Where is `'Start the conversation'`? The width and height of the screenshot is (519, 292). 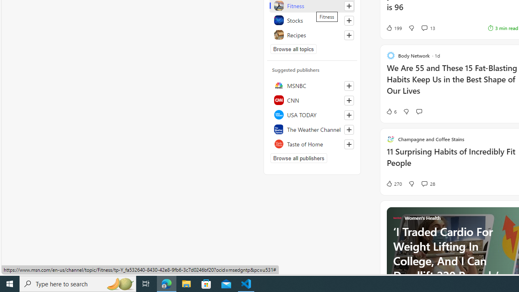
'Start the conversation' is located at coordinates (419, 112).